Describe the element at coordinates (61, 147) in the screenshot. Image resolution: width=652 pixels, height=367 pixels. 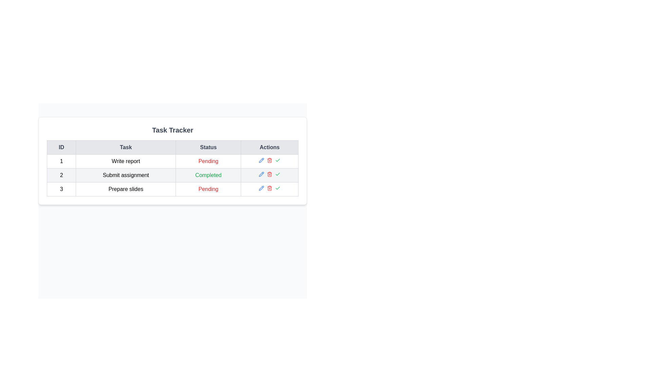
I see `the column header ID to sort the tasks` at that location.